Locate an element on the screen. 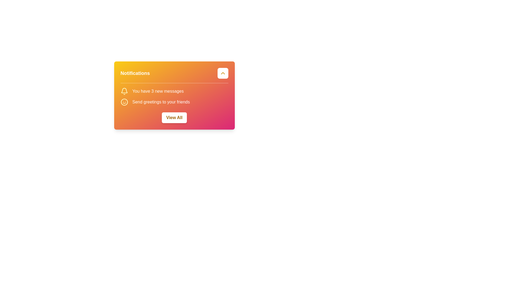 The height and width of the screenshot is (291, 517). text 'You have 3 new messages' from the notification card, which is the first item in the vertically stacked list group is located at coordinates (174, 91).